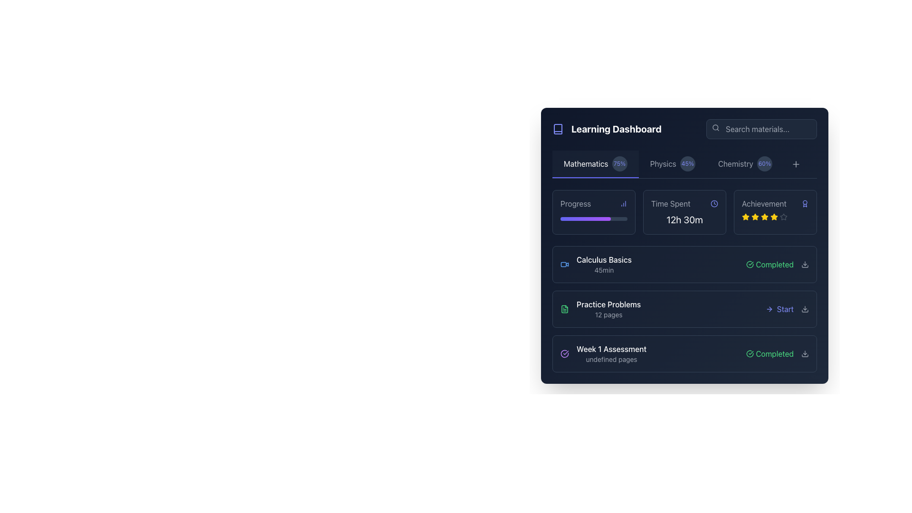  I want to click on the status indicator that shows a task completion in the bottom row of the 'Week 1 Assessment' card, which is the second item from the right, so click(778, 353).